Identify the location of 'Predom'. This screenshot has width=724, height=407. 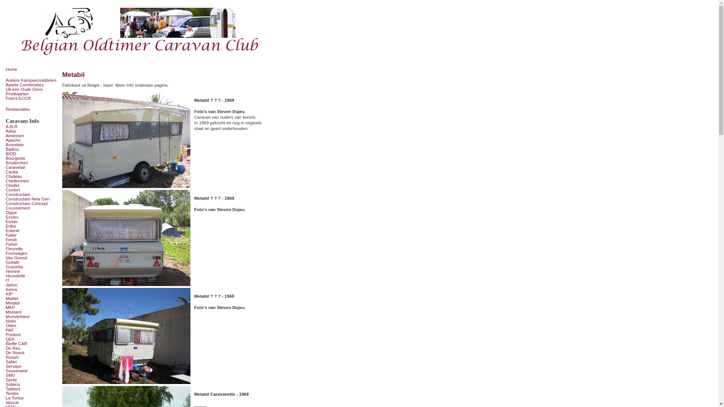
(32, 334).